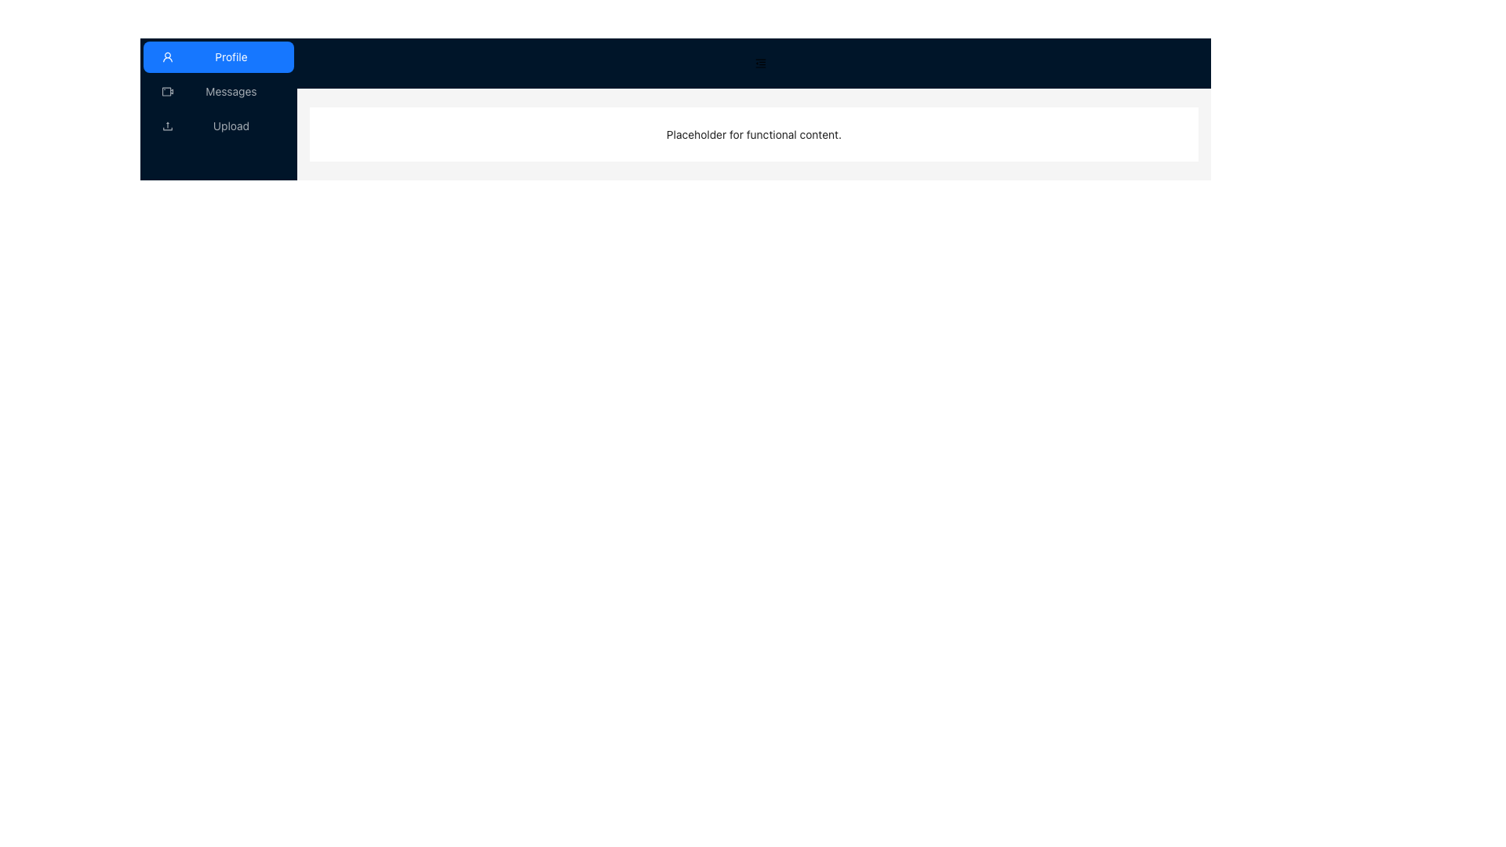 The image size is (1506, 847). I want to click on the upload icon, so click(168, 125).